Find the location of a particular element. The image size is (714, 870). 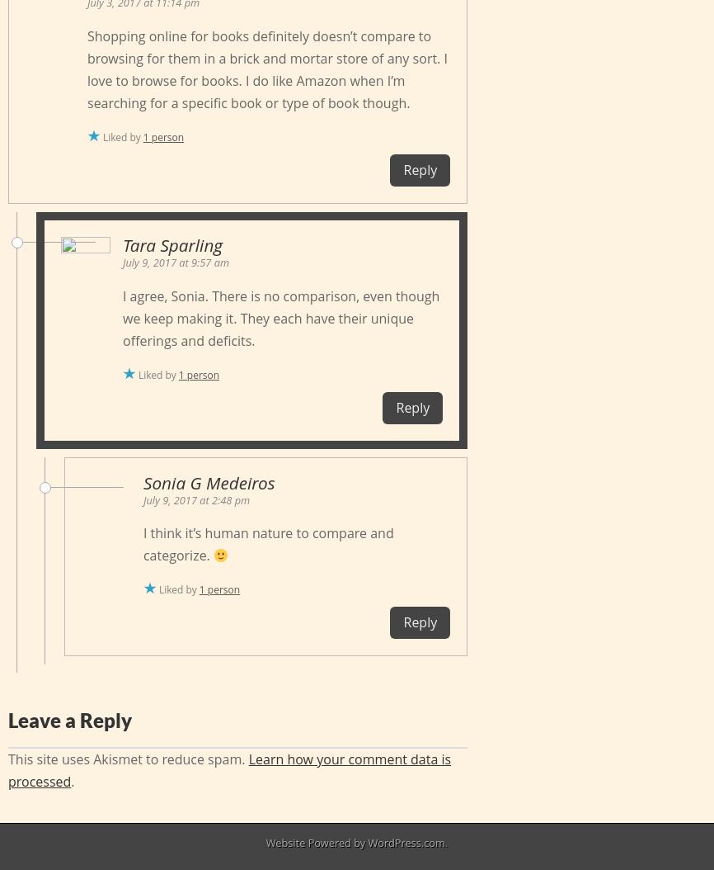

'I agree, Sonia. There is no comparison, even though we keep making it. They each have their unique offerings and deficits.' is located at coordinates (280, 317).